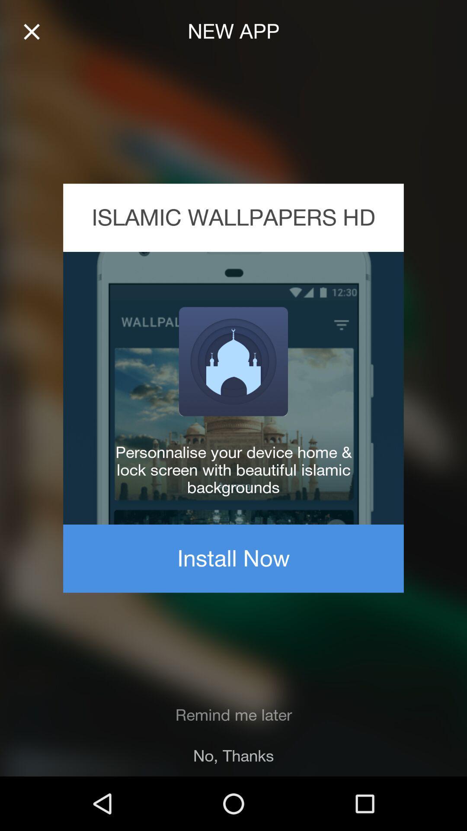 The width and height of the screenshot is (467, 831). What do you see at coordinates (31, 32) in the screenshot?
I see `icon above the islamic wallpapers hd icon` at bounding box center [31, 32].